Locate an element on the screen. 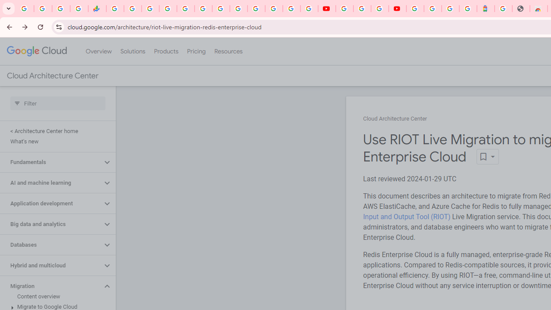  'What' is located at coordinates (56, 141).